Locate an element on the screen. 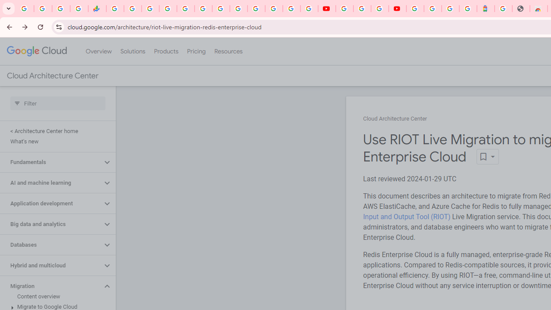  'What' is located at coordinates (56, 141).